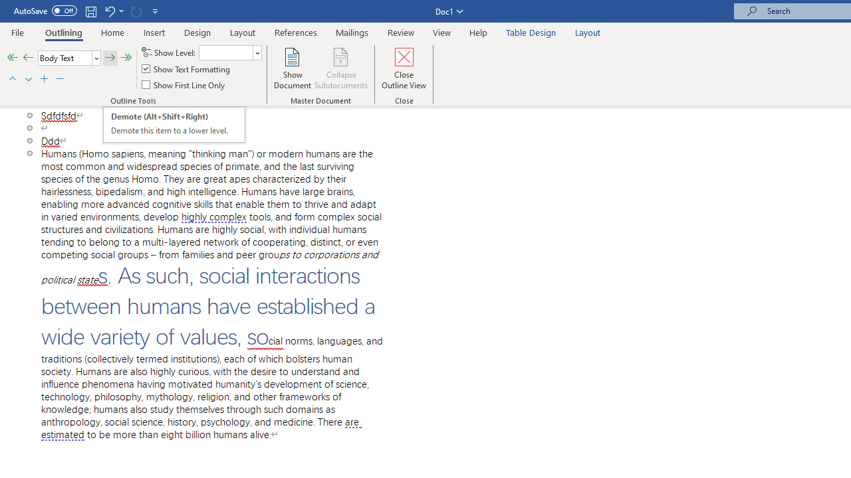 The width and height of the screenshot is (851, 478). What do you see at coordinates (28, 79) in the screenshot?
I see `'Move Down'` at bounding box center [28, 79].